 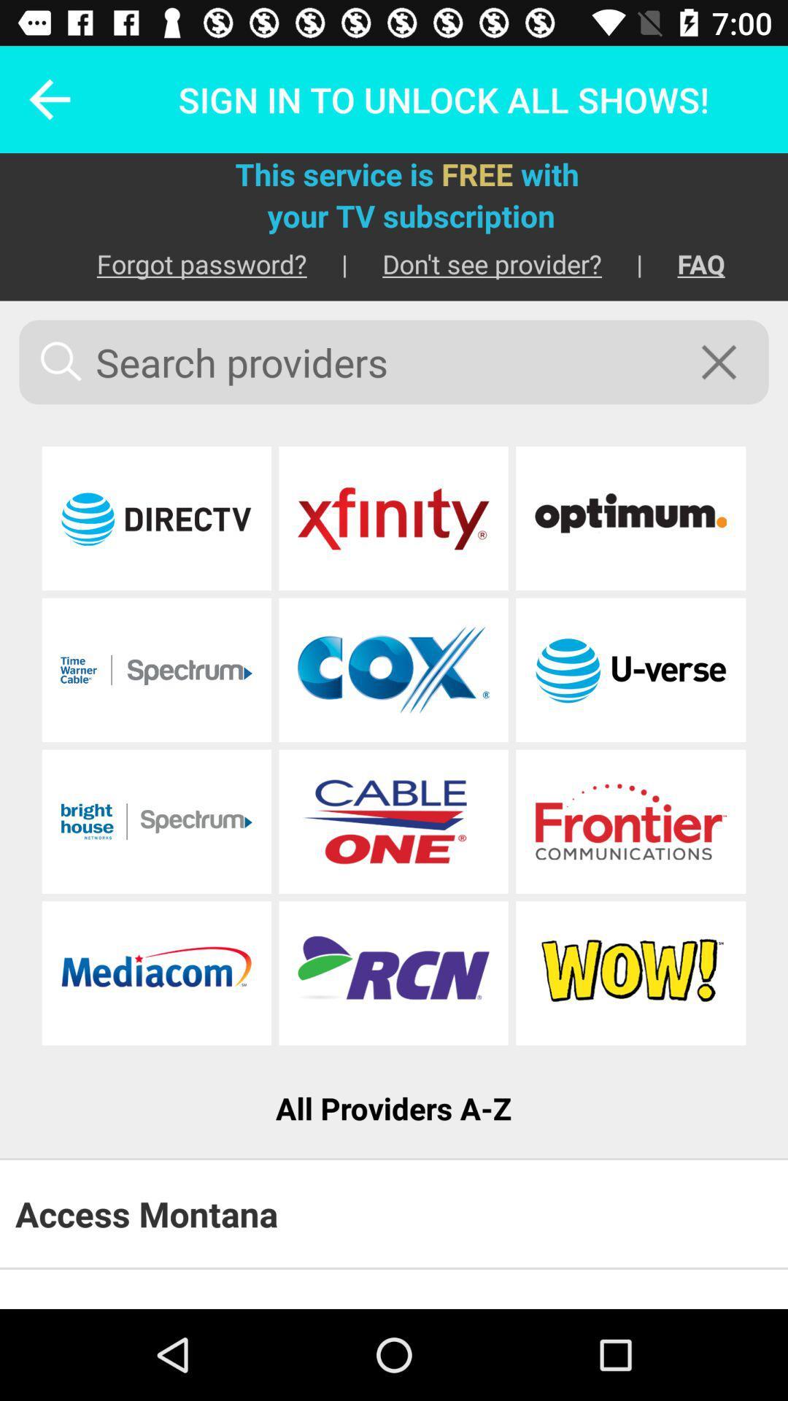 I want to click on the icon below your tv subscription item, so click(x=475, y=263).